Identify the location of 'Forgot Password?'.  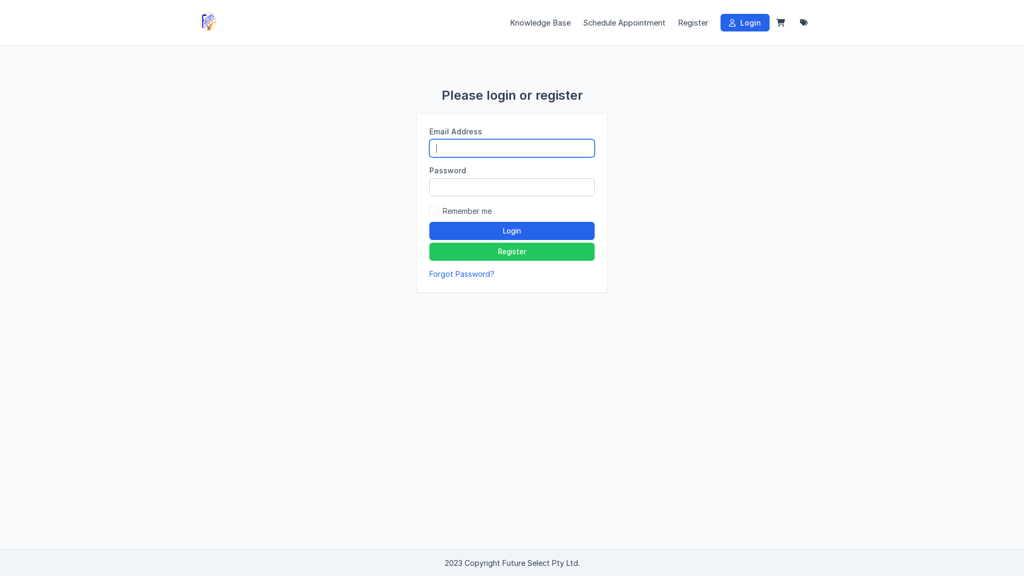
(461, 273).